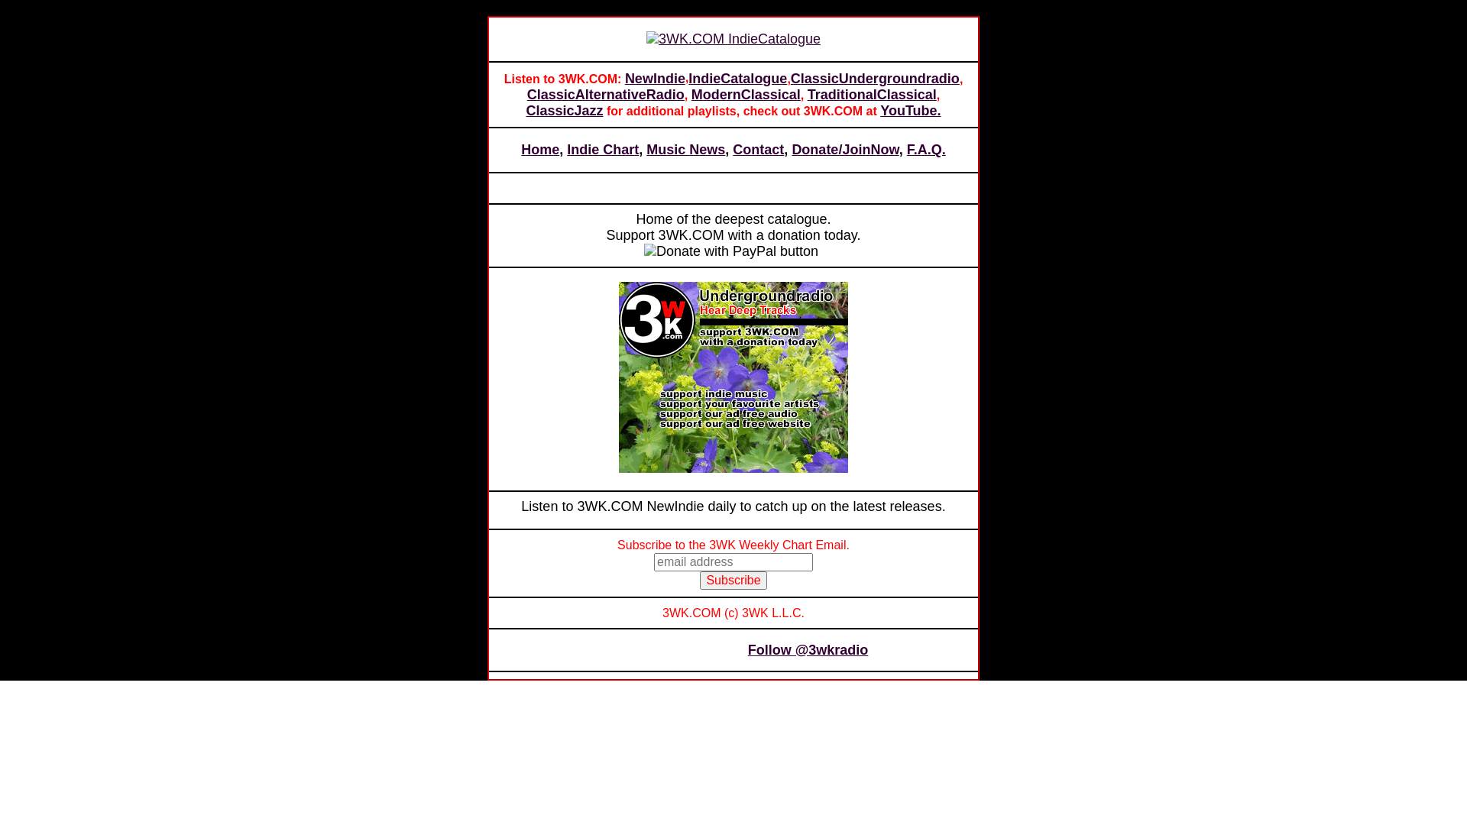 The image size is (1467, 825). I want to click on 'Follow @3wkradio', so click(807, 650).